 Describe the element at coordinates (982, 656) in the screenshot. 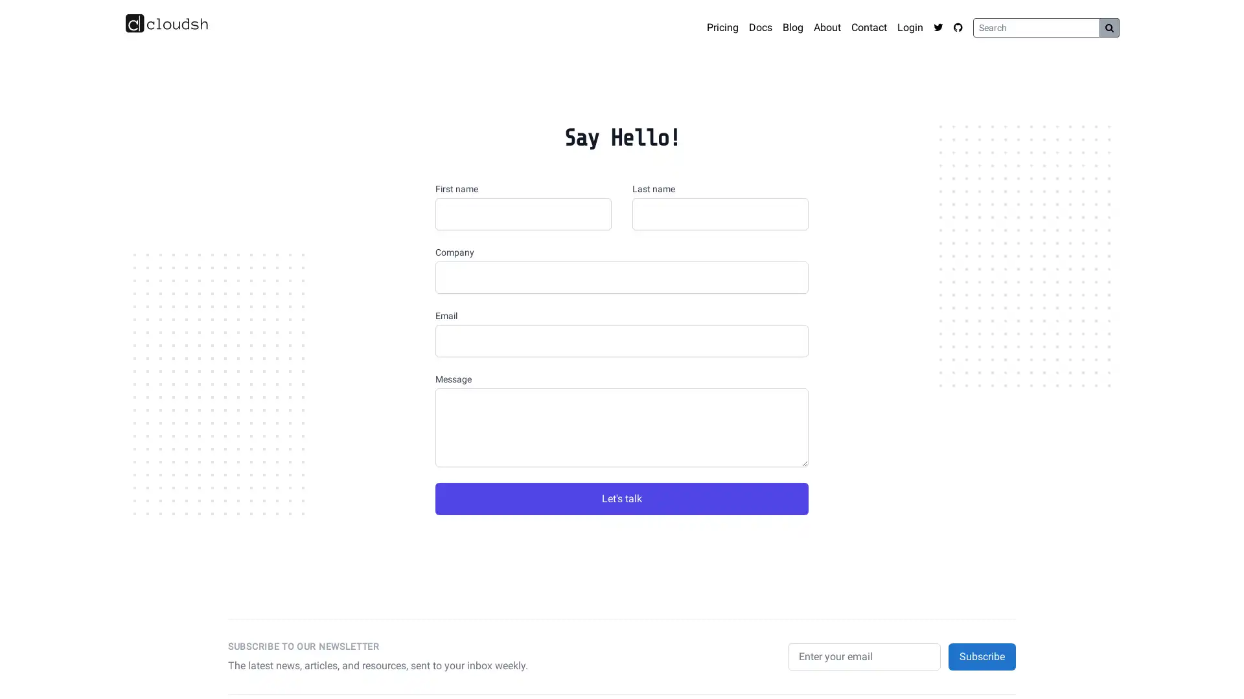

I see `Subscribe` at that location.